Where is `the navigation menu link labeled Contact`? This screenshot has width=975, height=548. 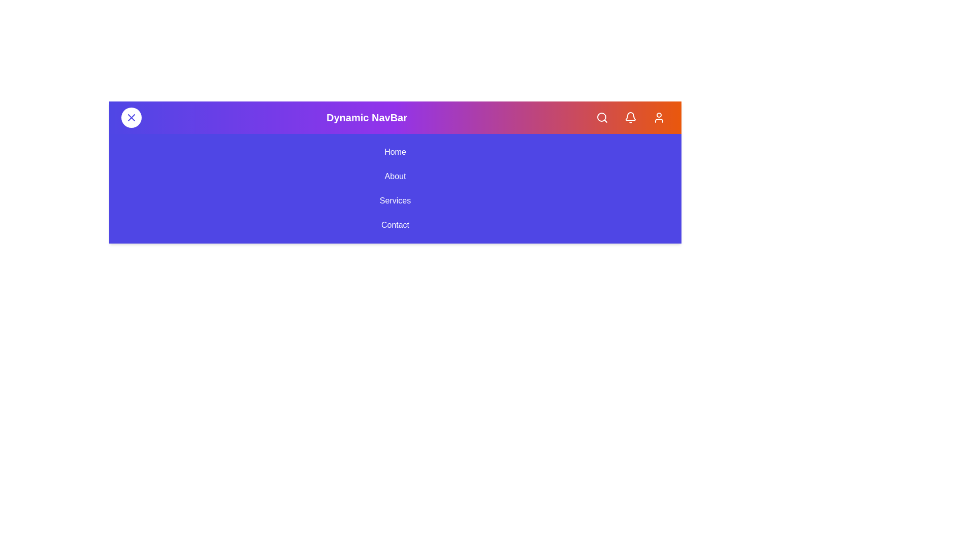
the navigation menu link labeled Contact is located at coordinates (395, 224).